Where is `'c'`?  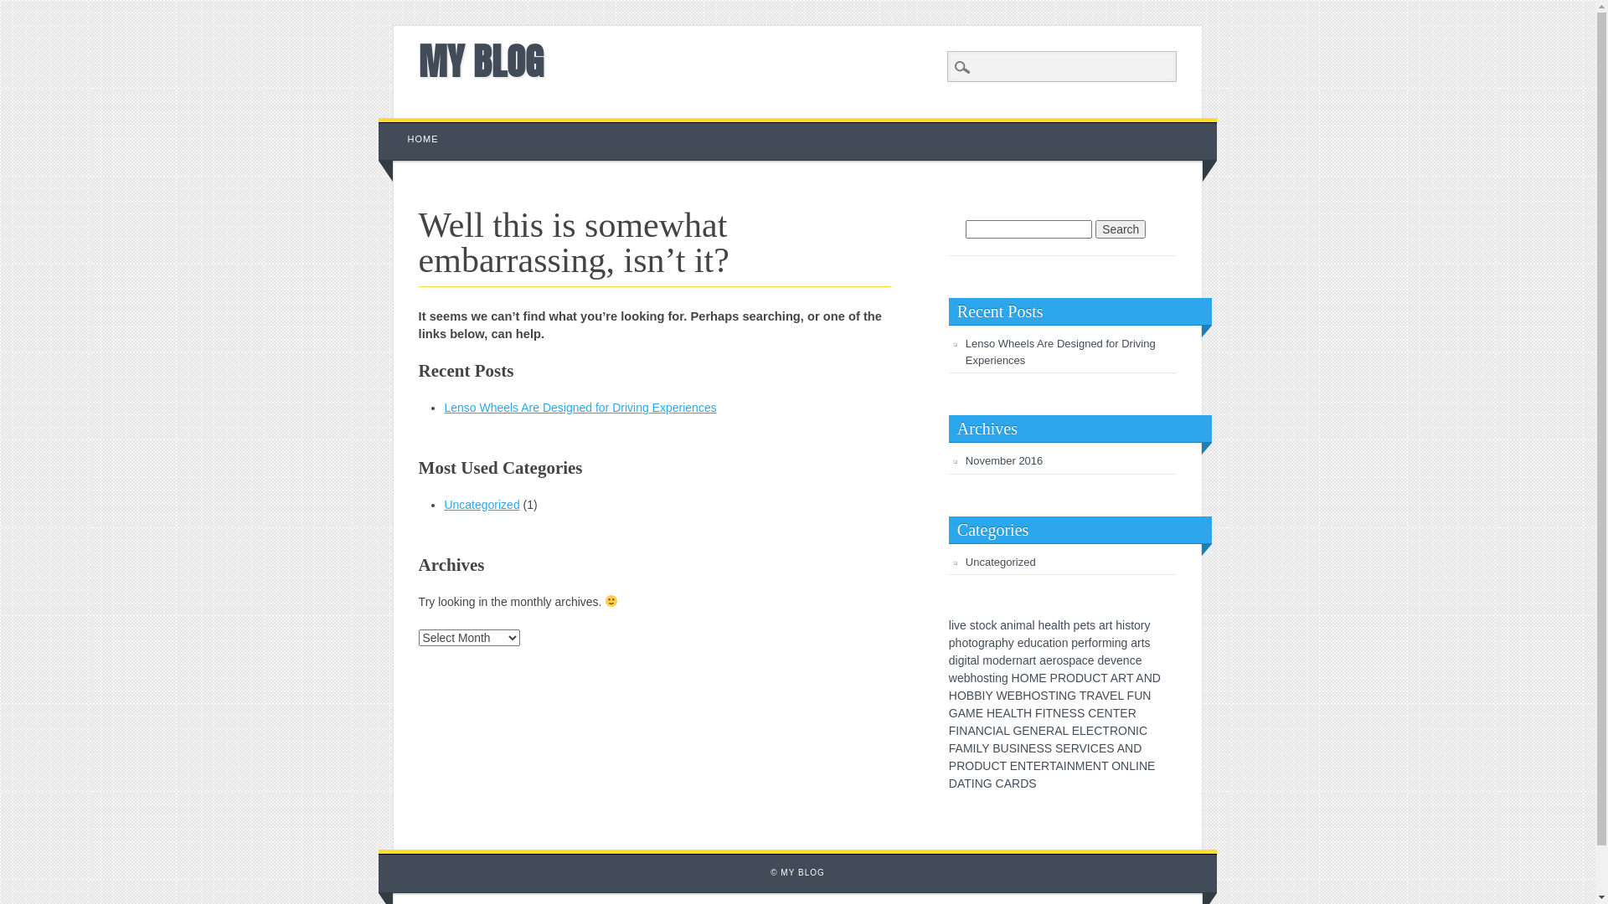 'c' is located at coordinates (987, 625).